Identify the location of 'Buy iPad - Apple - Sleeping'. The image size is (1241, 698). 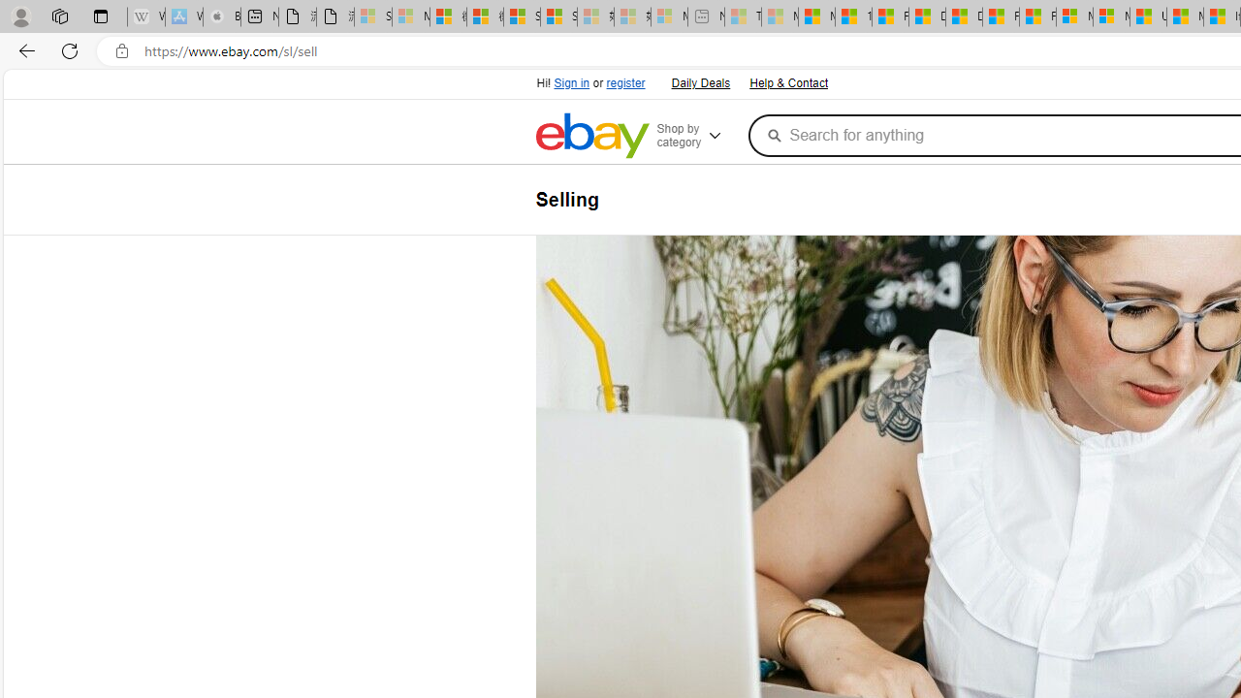
(222, 16).